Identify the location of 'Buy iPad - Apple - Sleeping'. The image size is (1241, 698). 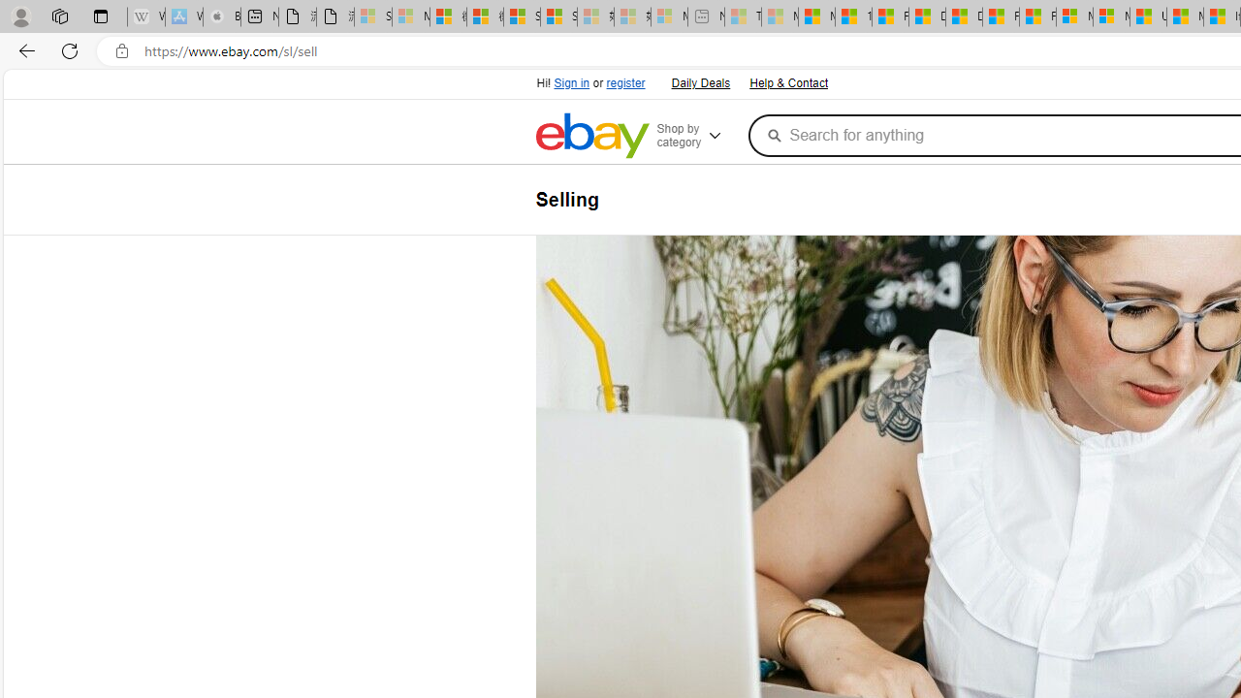
(222, 16).